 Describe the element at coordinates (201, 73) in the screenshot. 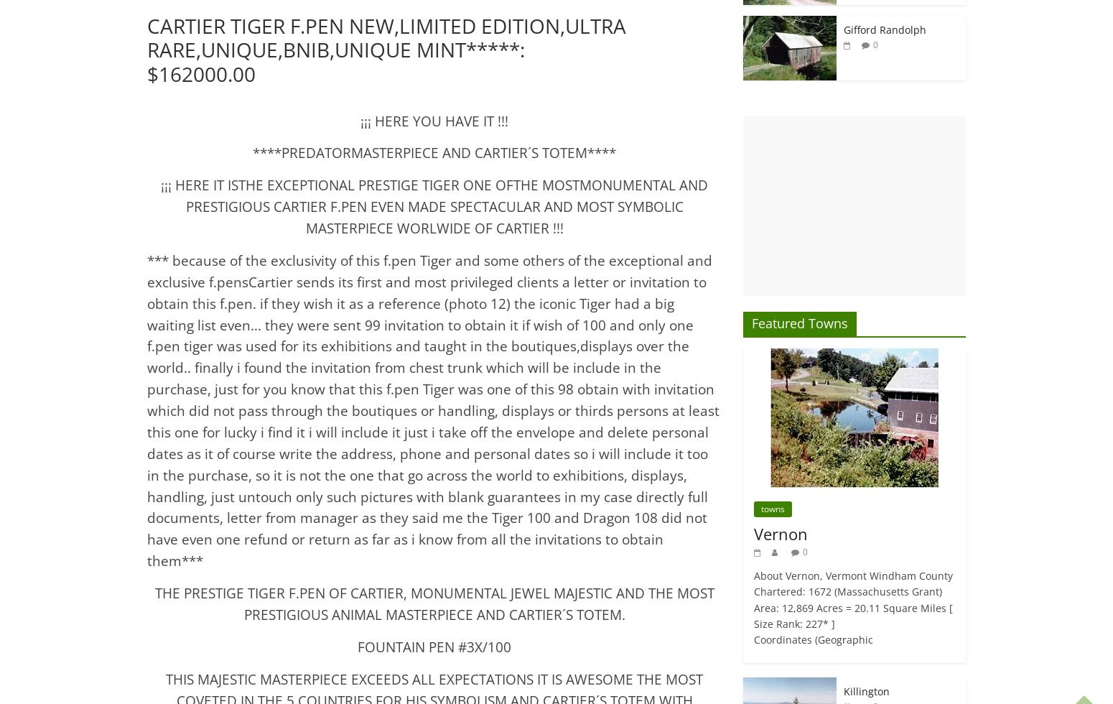

I see `'$162000.00'` at that location.